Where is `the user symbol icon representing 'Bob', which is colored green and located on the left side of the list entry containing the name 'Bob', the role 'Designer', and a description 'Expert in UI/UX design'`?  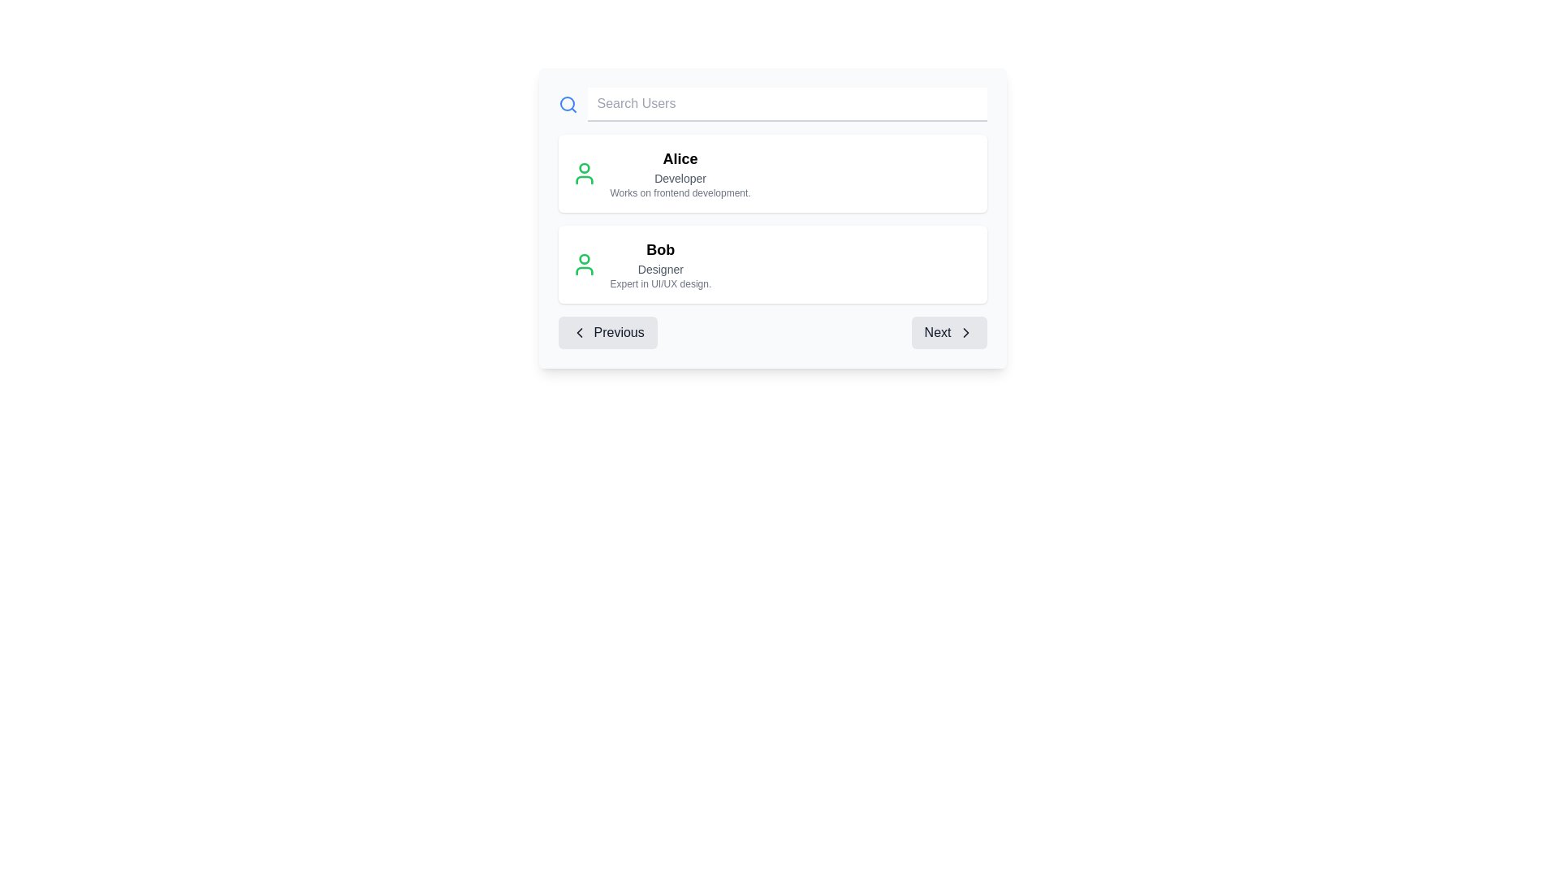
the user symbol icon representing 'Bob', which is colored green and located on the left side of the list entry containing the name 'Bob', the role 'Designer', and a description 'Expert in UI/UX design' is located at coordinates (584, 264).